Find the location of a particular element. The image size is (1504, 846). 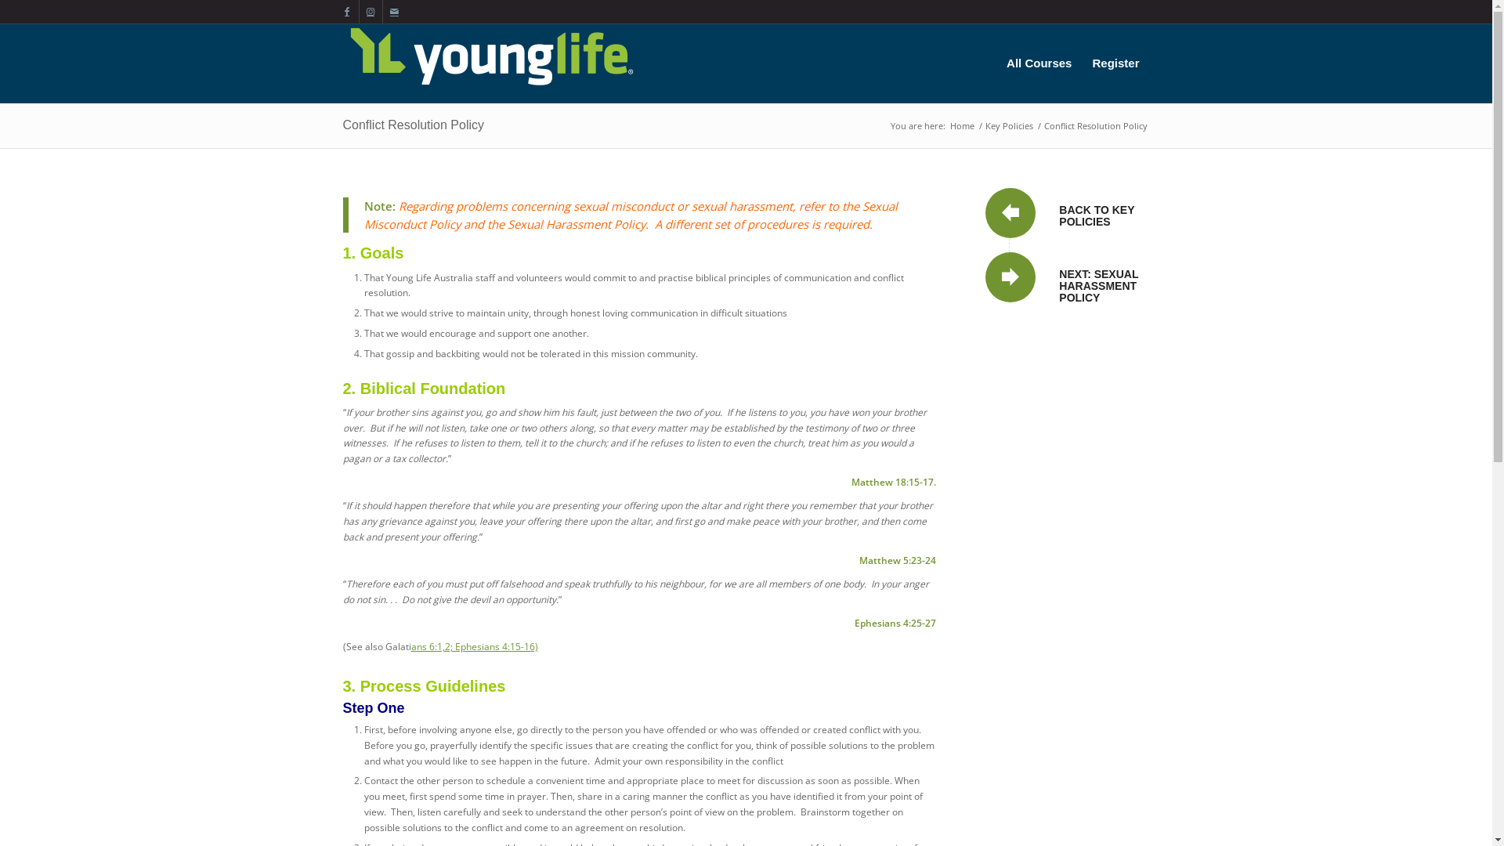

'All Courses' is located at coordinates (1039, 63).